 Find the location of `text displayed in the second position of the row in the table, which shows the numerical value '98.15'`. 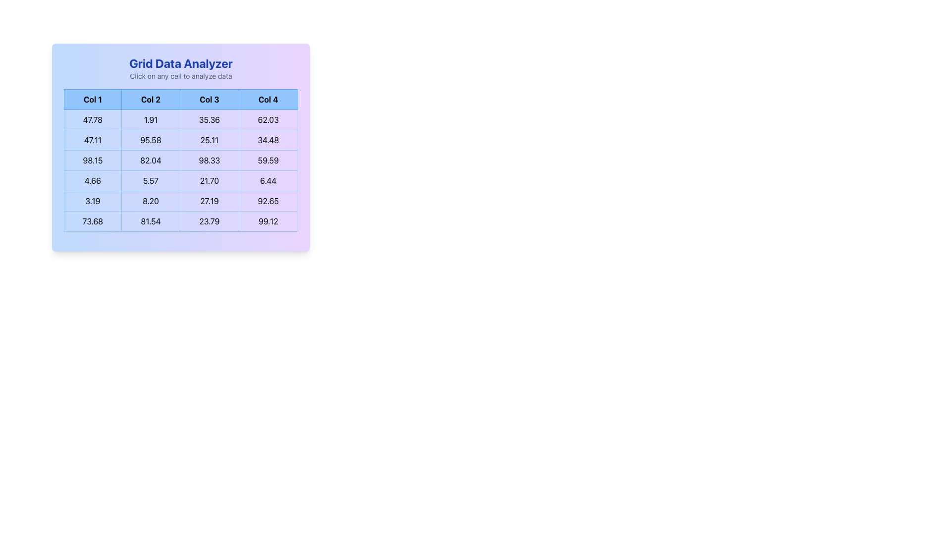

text displayed in the second position of the row in the table, which shows the numerical value '98.15' is located at coordinates (93, 160).